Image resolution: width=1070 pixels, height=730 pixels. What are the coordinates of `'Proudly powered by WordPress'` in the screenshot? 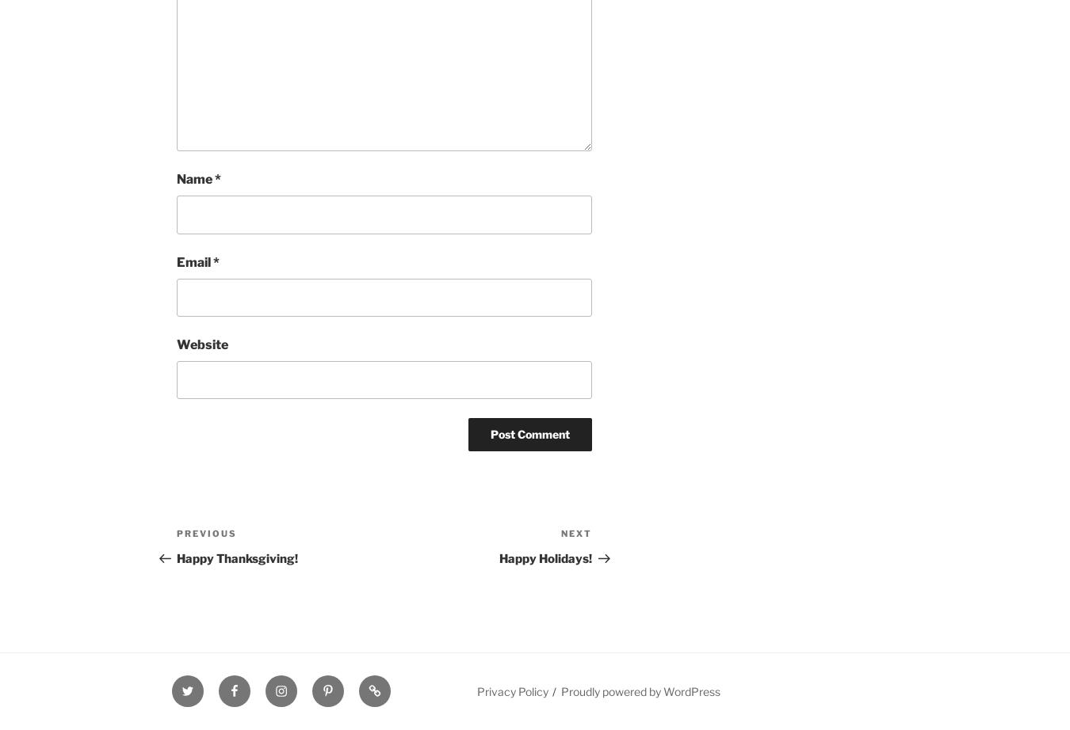 It's located at (640, 690).